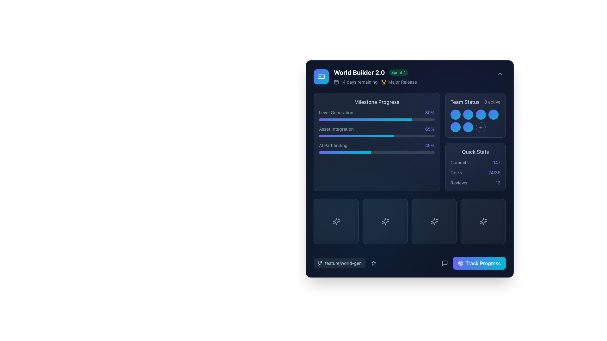 Image resolution: width=607 pixels, height=341 pixels. What do you see at coordinates (380, 119) in the screenshot?
I see `progress` at bounding box center [380, 119].